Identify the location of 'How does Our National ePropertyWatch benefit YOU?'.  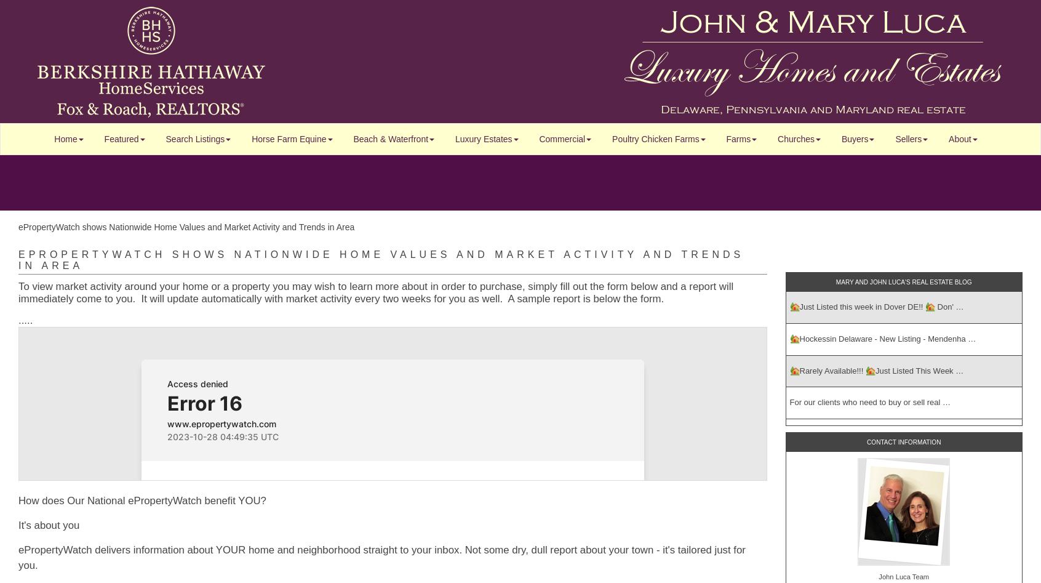
(142, 500).